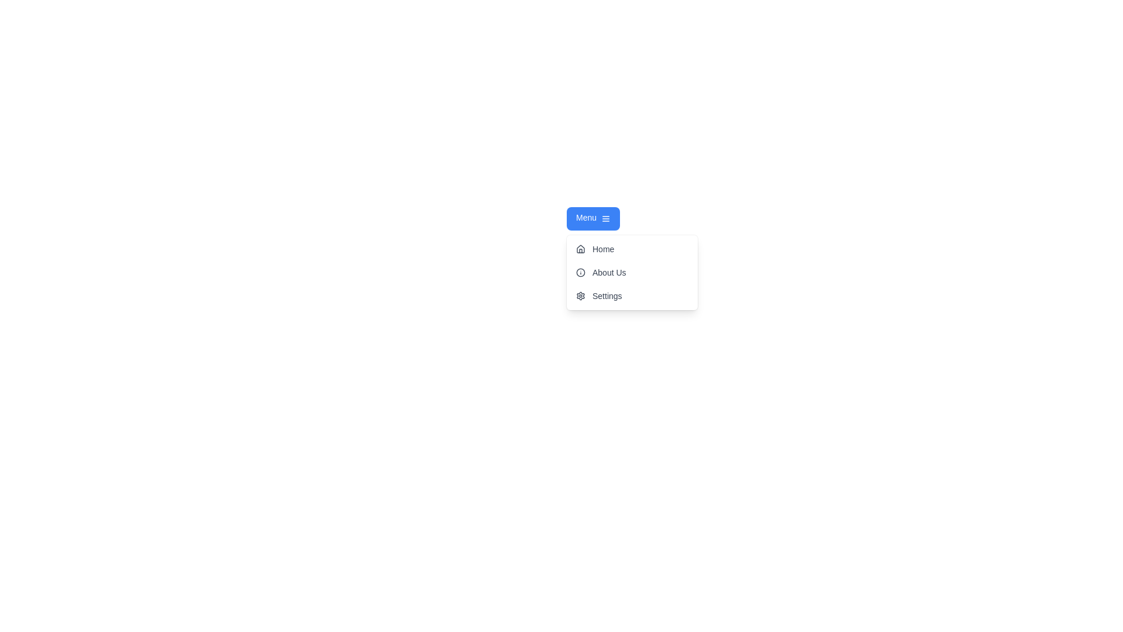 Image resolution: width=1123 pixels, height=632 pixels. Describe the element at coordinates (581, 248) in the screenshot. I see `the 'Home' icon located below the 'Menu' button` at that location.